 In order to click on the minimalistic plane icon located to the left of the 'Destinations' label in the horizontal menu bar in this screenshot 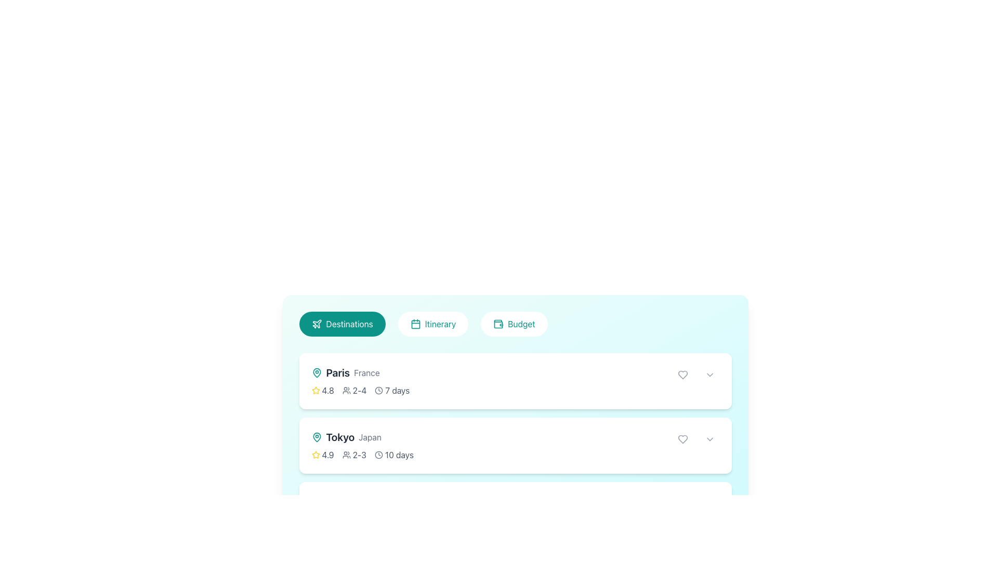, I will do `click(316, 324)`.